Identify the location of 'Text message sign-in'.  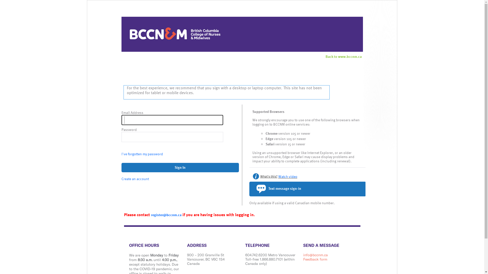
(307, 189).